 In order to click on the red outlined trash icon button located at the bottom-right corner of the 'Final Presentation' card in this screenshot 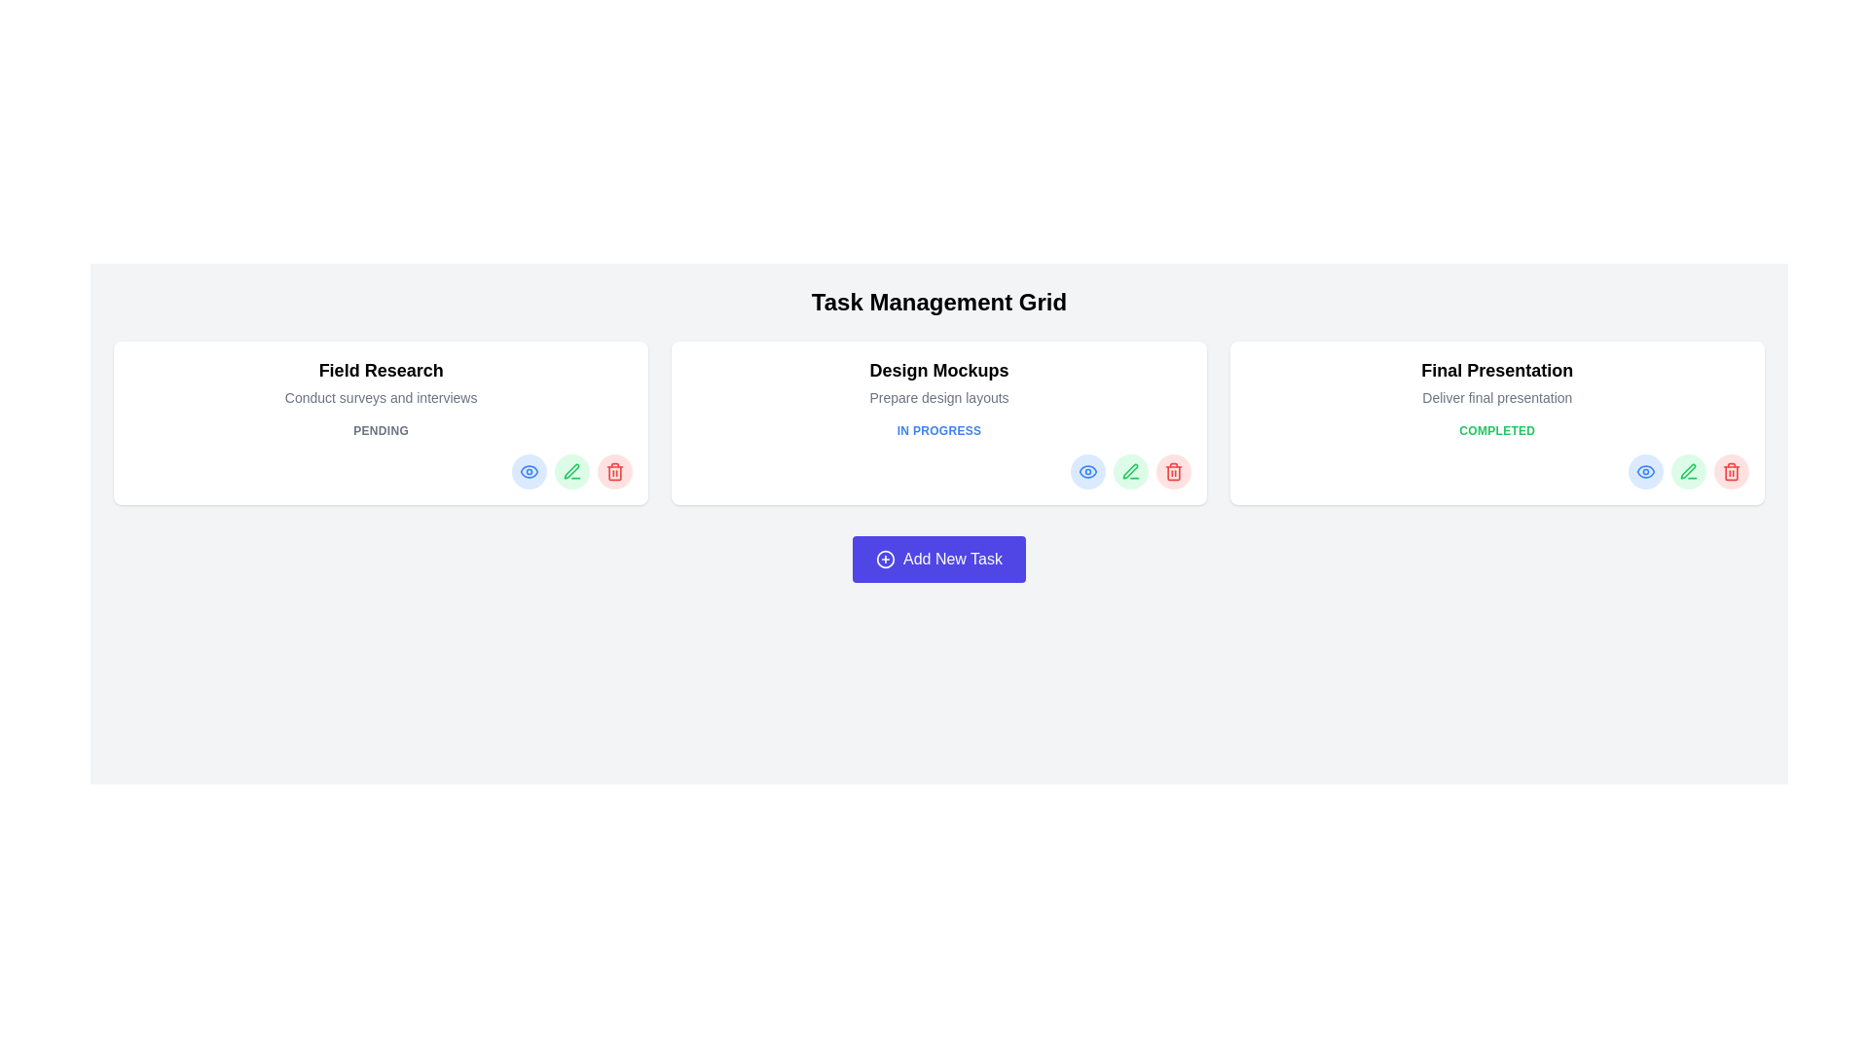, I will do `click(1732, 472)`.